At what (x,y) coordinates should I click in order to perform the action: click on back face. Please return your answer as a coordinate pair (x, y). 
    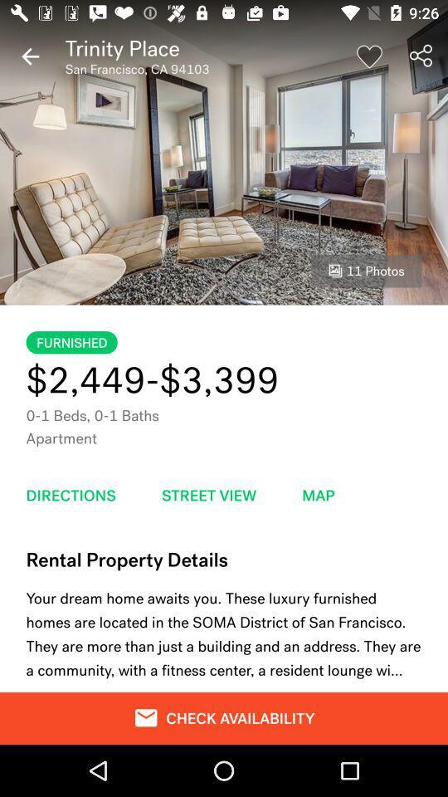
    Looking at the image, I should click on (30, 56).